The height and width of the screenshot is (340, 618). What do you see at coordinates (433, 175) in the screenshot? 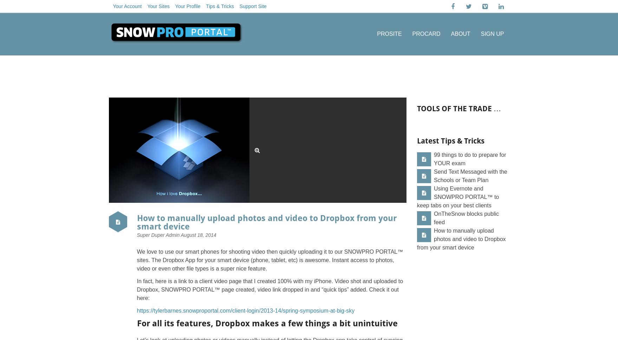
I see `'Send Text Messaged with the Schools or Team Plan'` at bounding box center [433, 175].